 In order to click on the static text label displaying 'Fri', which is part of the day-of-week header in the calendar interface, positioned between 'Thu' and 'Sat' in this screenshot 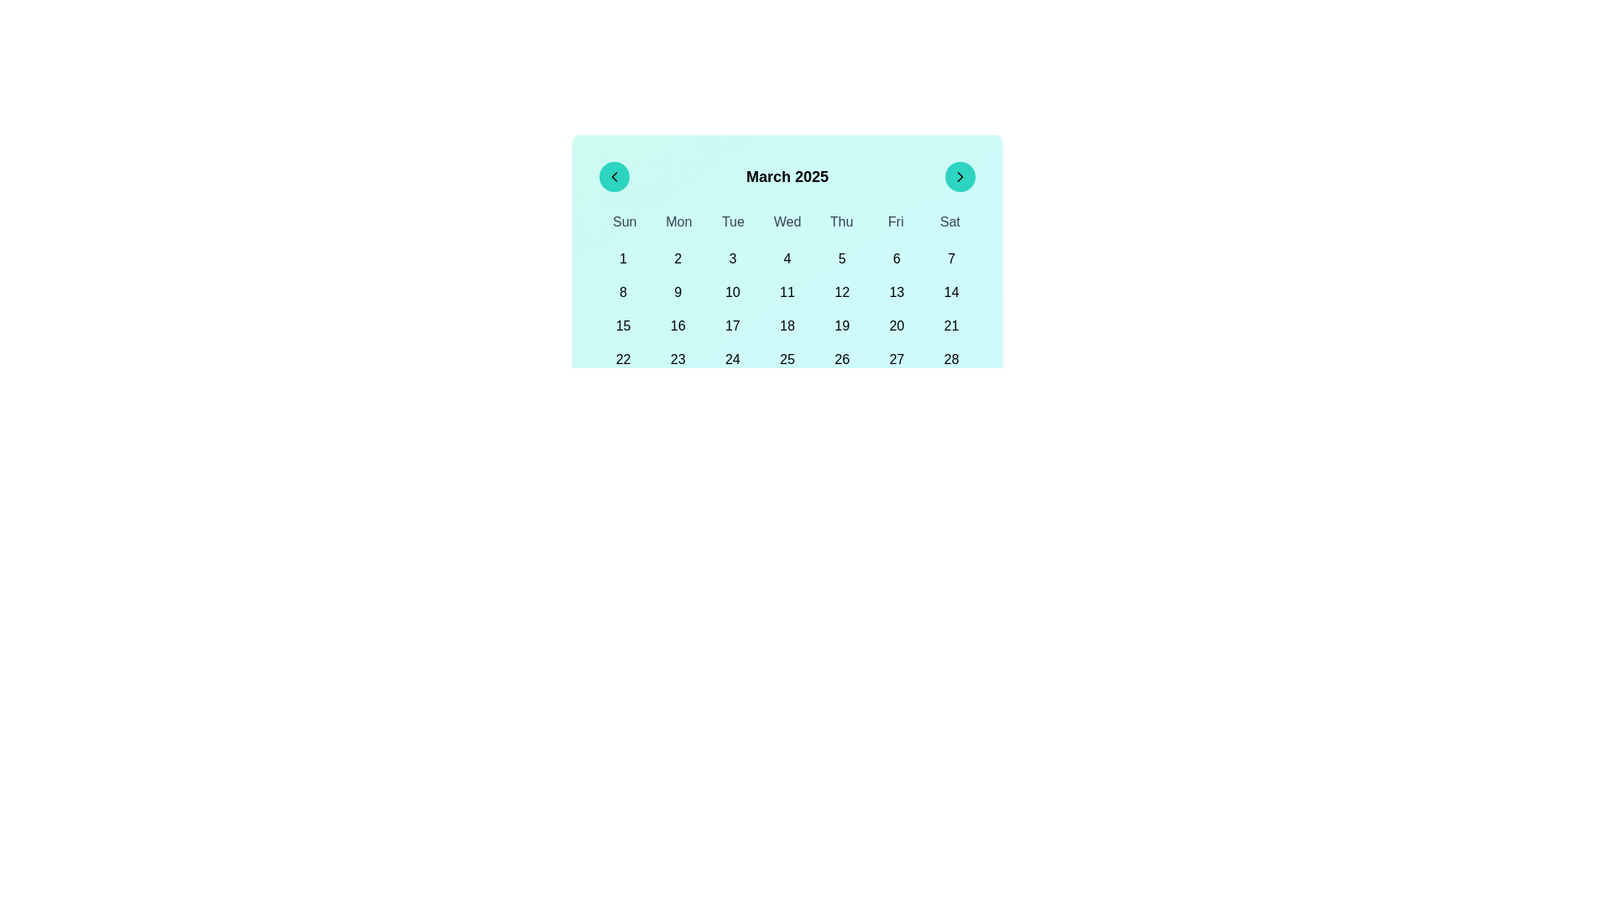, I will do `click(895, 221)`.